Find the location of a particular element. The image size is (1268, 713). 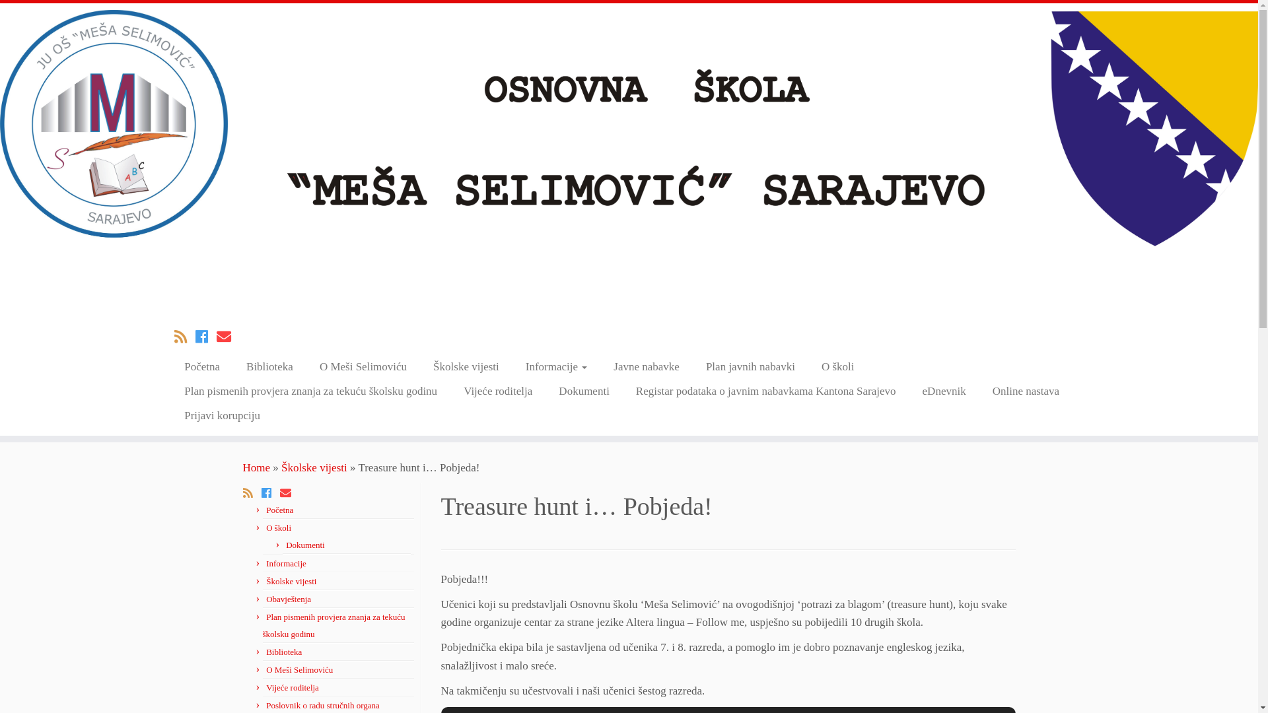

'Online nastava' is located at coordinates (1026, 390).